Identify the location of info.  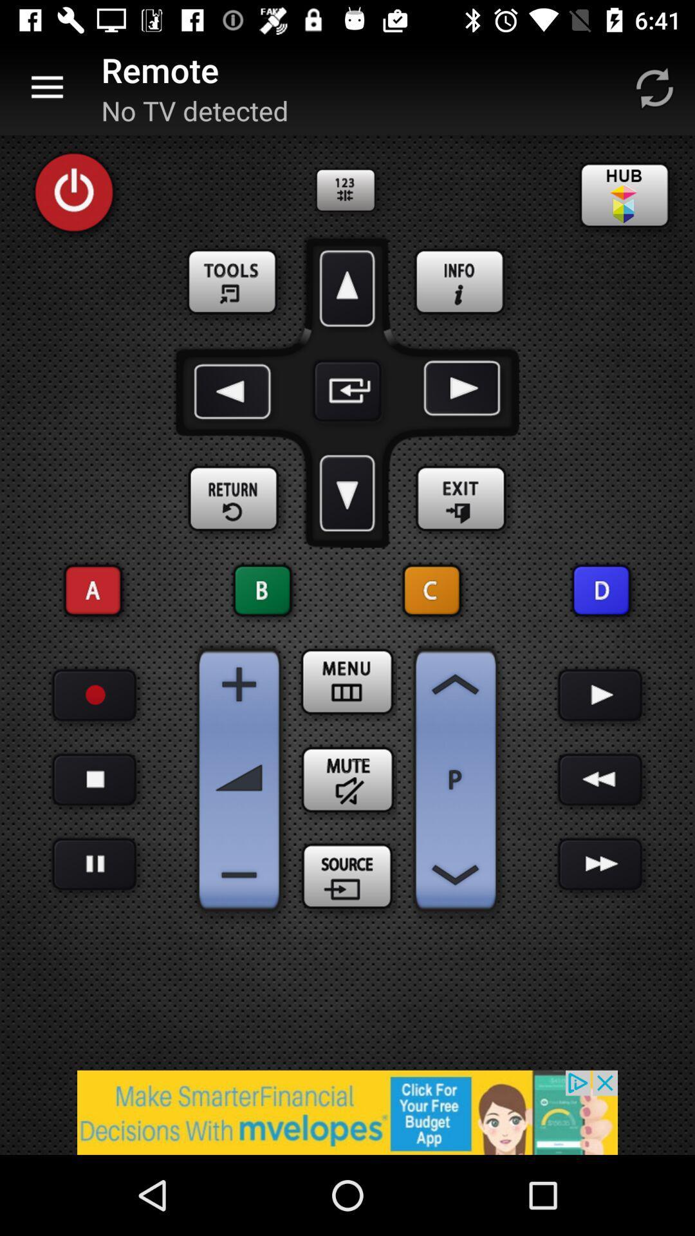
(460, 282).